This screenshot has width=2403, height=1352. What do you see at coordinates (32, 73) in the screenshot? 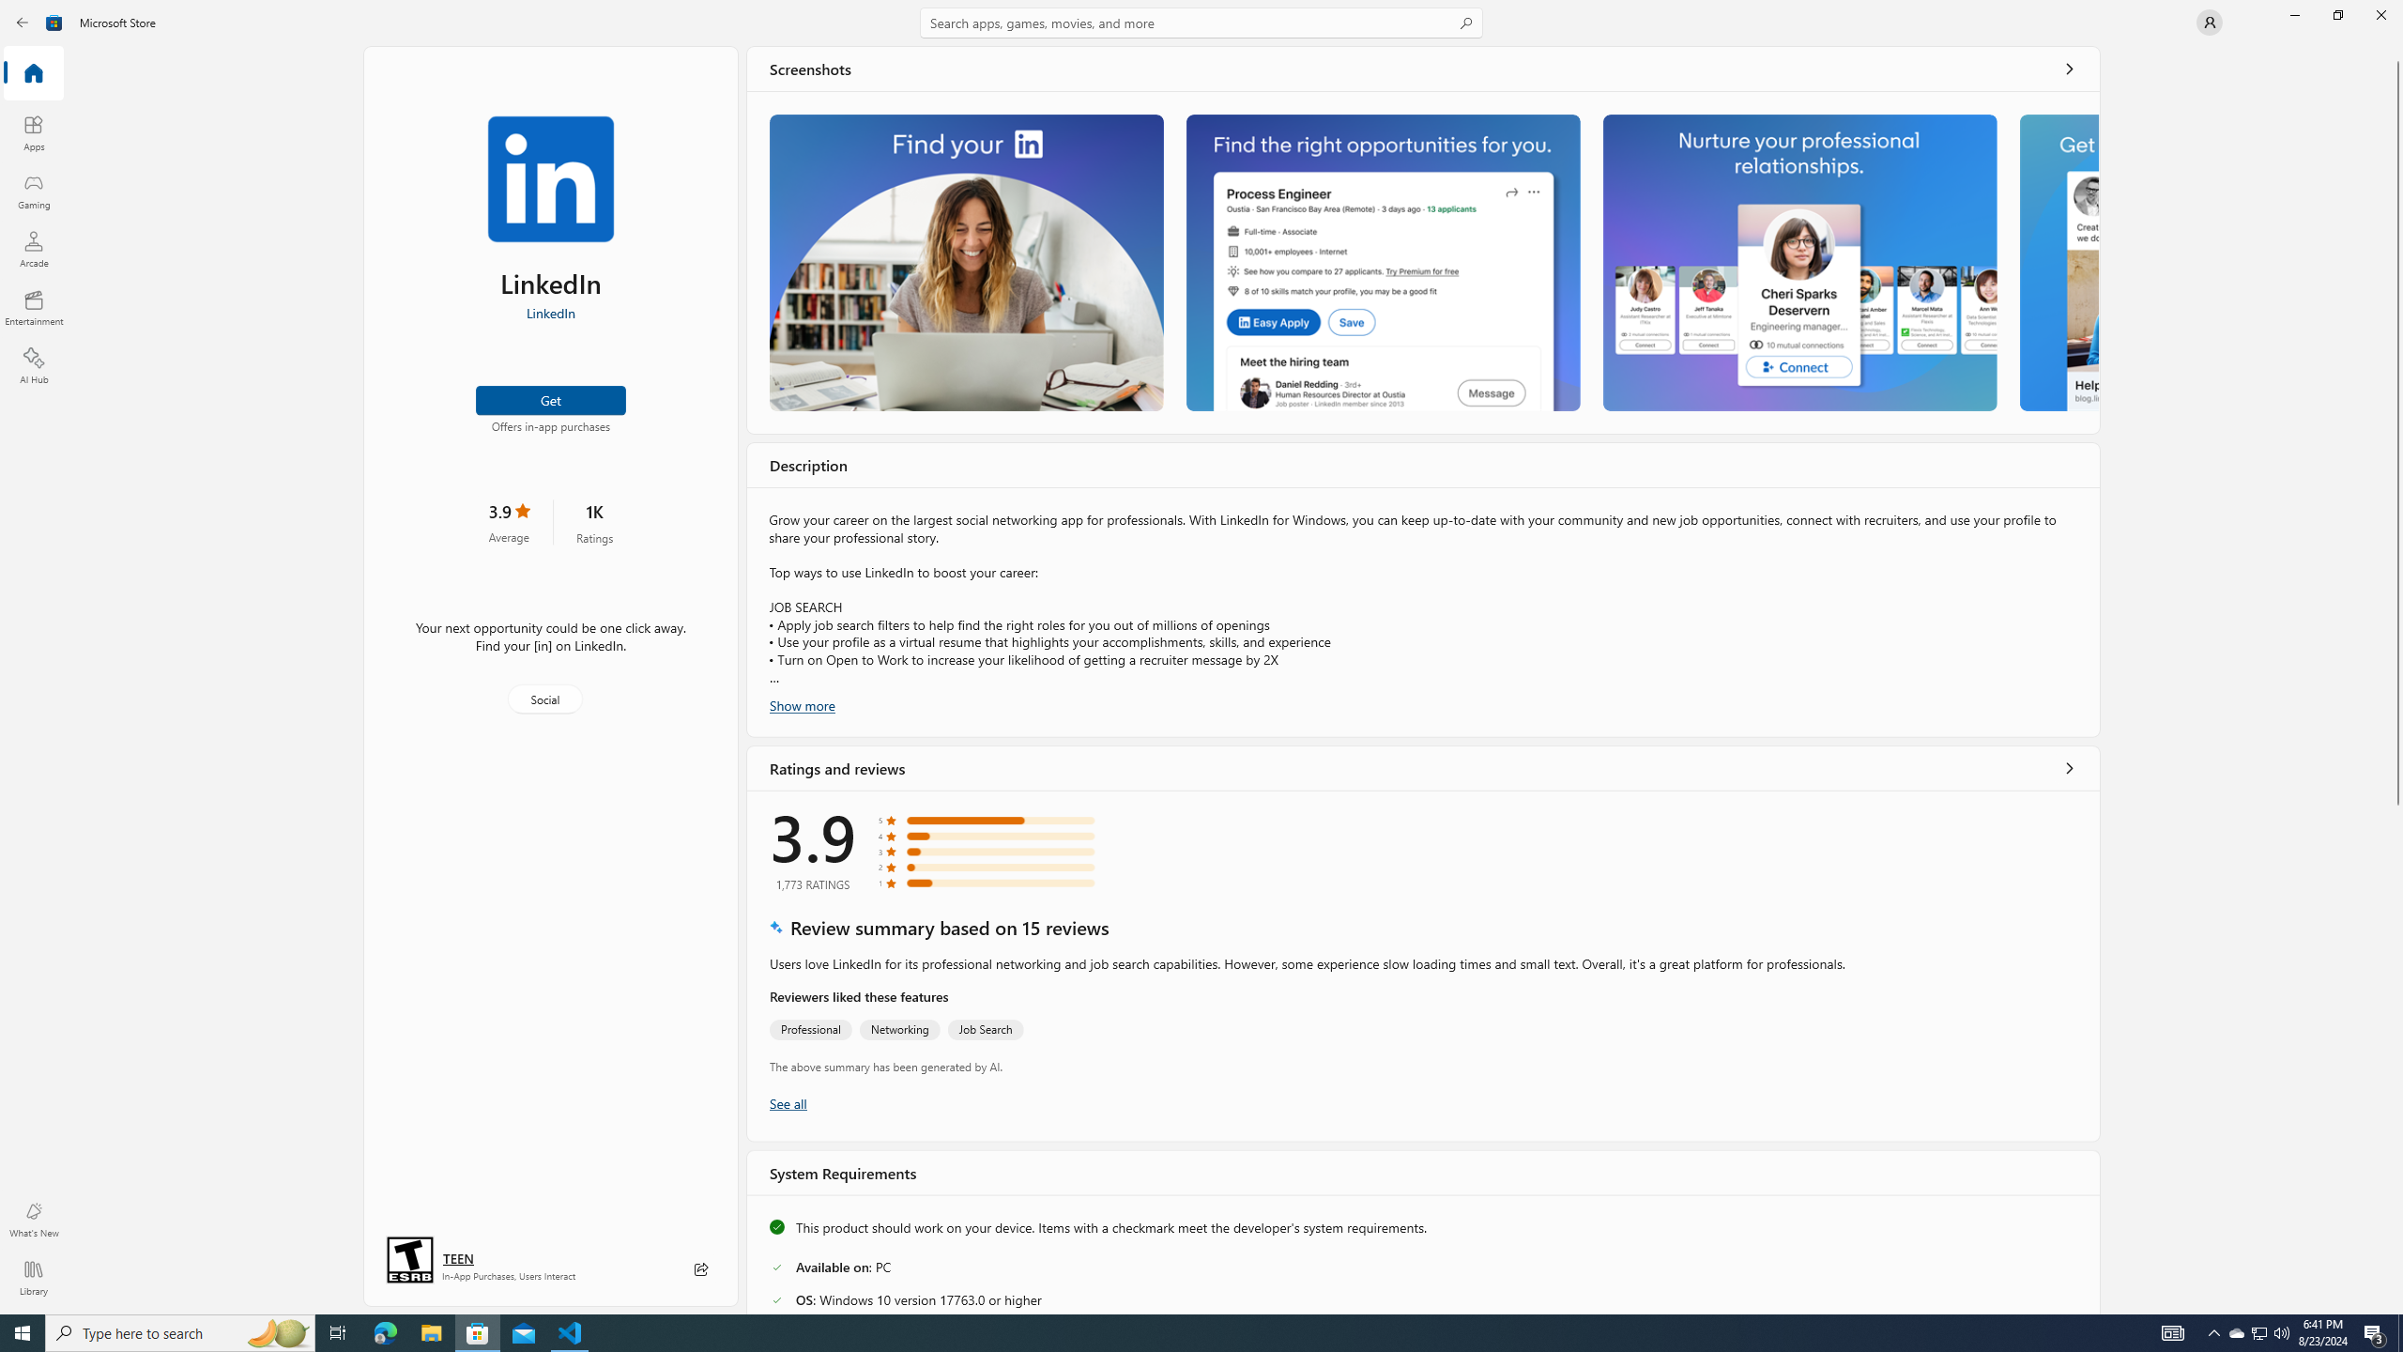
I see `'Home'` at bounding box center [32, 73].